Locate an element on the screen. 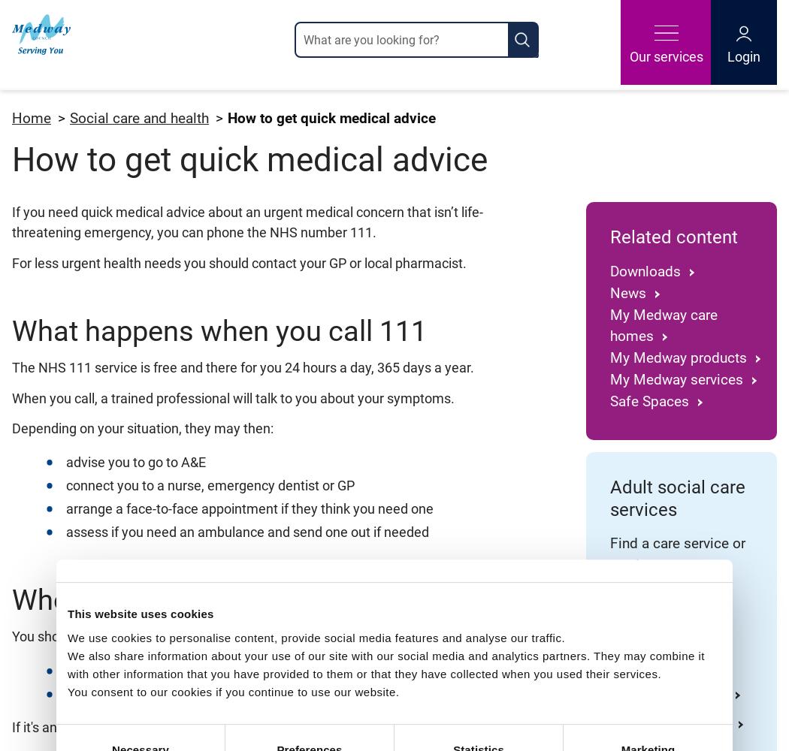 This screenshot has height=751, width=789. 'News' is located at coordinates (609, 292).